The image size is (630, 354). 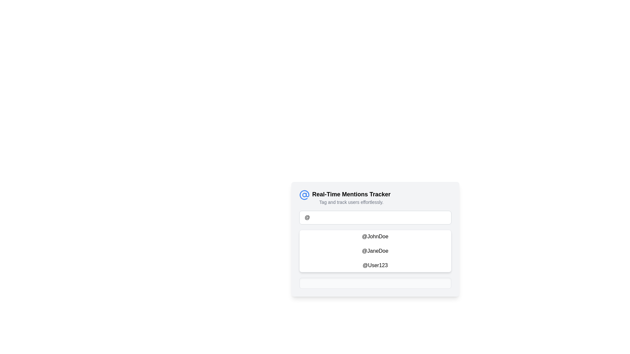 What do you see at coordinates (375, 265) in the screenshot?
I see `the '@User123' label in the user suggestion list` at bounding box center [375, 265].